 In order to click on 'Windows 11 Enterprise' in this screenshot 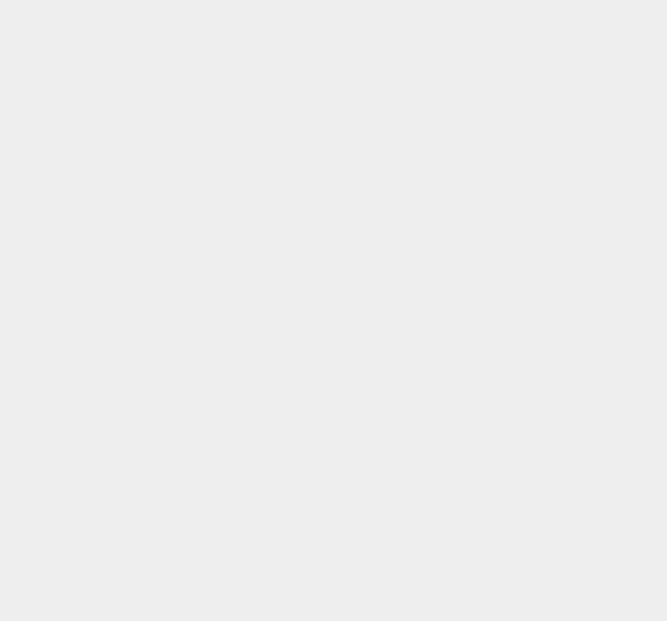, I will do `click(513, 349)`.